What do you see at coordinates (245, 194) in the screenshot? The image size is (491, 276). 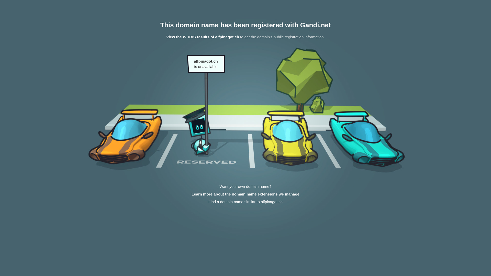 I see `'Learn more about the domain name extensions we manage'` at bounding box center [245, 194].